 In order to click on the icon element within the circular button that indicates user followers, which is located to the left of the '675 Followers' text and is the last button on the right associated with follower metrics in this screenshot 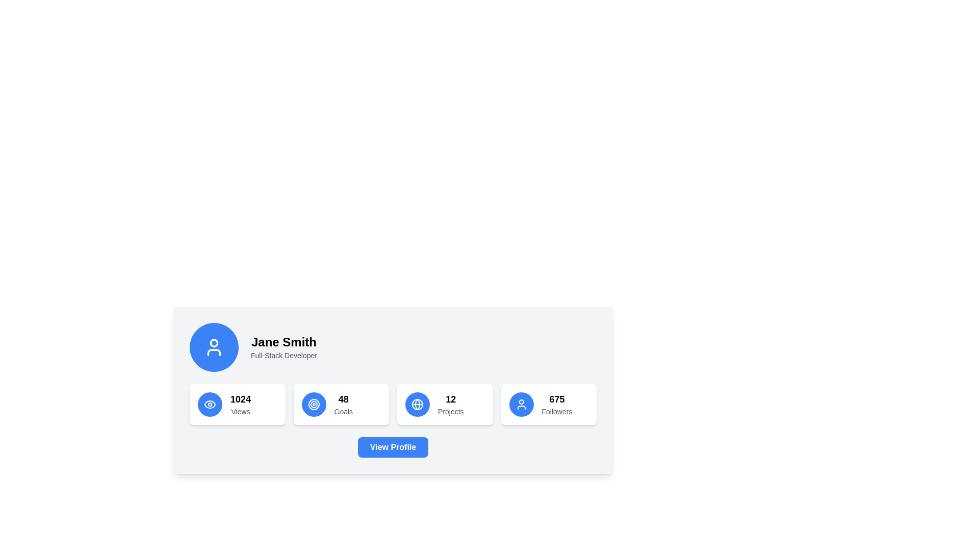, I will do `click(521, 404)`.